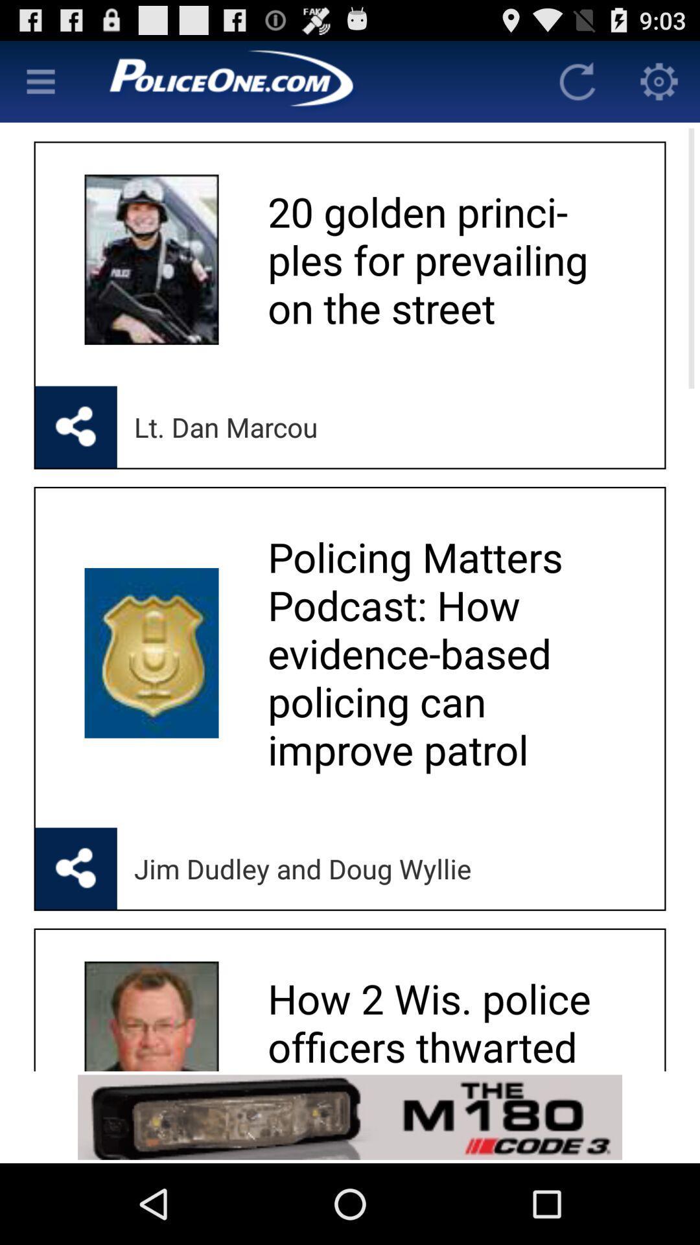  Describe the element at coordinates (309, 80) in the screenshot. I see `advertisement` at that location.